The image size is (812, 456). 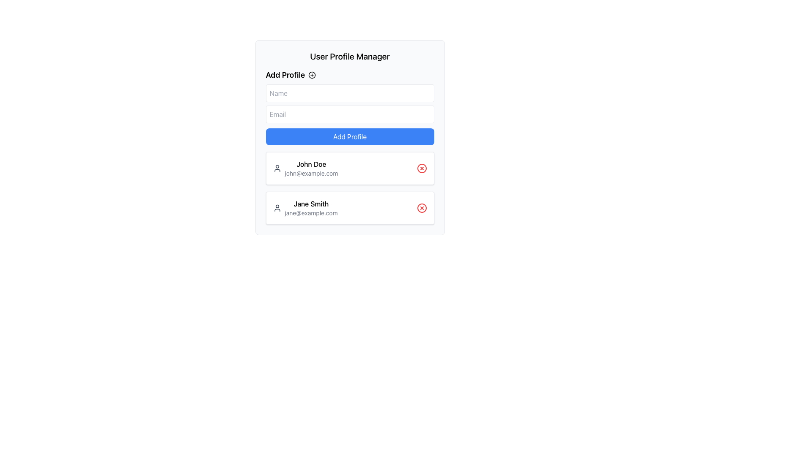 What do you see at coordinates (350, 57) in the screenshot?
I see `the prominently displayed title text labeled 'User Profile Manager', which is styled with a larger font size and bold formatting, located at the top of a card widget` at bounding box center [350, 57].